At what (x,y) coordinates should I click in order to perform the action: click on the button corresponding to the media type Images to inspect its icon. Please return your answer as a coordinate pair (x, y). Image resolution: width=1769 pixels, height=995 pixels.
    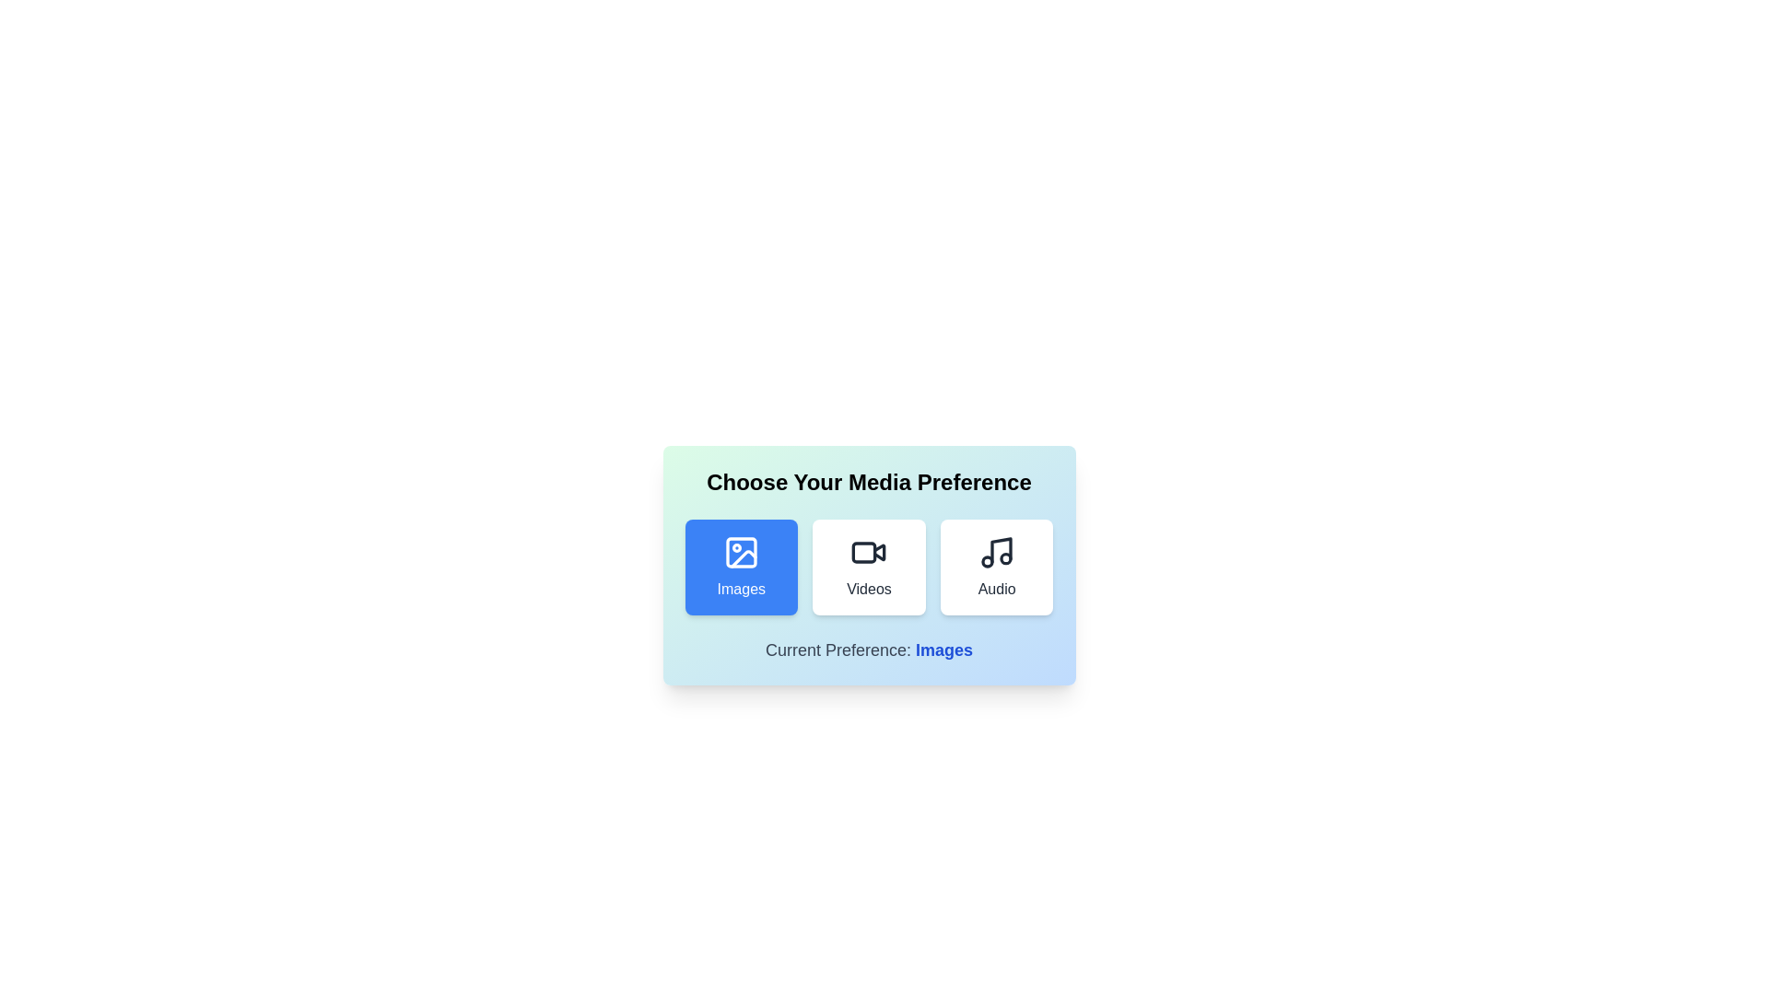
    Looking at the image, I should click on (741, 567).